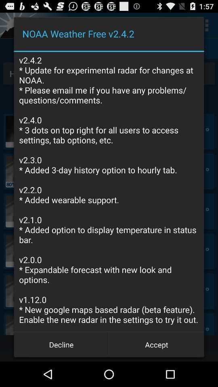 The width and height of the screenshot is (218, 387). What do you see at coordinates (156, 344) in the screenshot?
I see `the button to the right of decline button` at bounding box center [156, 344].